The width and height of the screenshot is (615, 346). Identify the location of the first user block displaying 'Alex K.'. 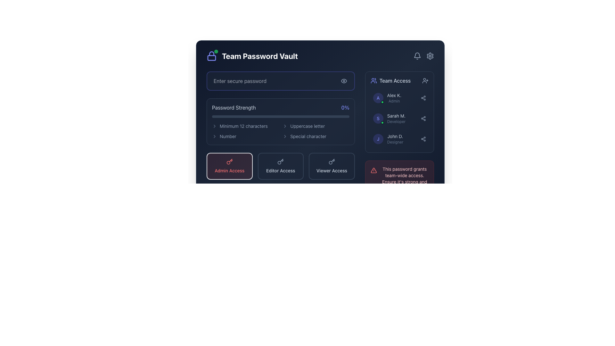
(399, 98).